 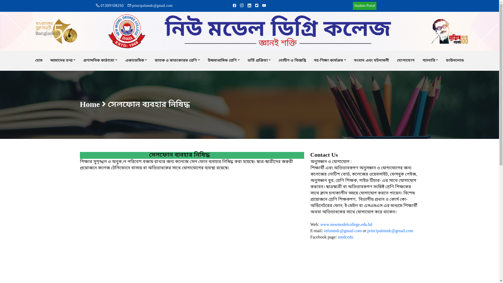 What do you see at coordinates (346, 237) in the screenshot?
I see `'nmdcedu'` at bounding box center [346, 237].